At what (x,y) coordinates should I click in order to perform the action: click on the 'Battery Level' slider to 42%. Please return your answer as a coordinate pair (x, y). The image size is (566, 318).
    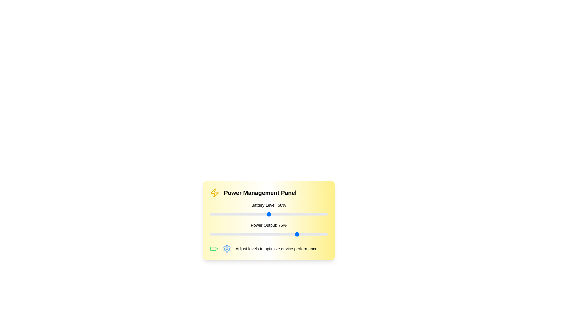
    Looking at the image, I should click on (259, 214).